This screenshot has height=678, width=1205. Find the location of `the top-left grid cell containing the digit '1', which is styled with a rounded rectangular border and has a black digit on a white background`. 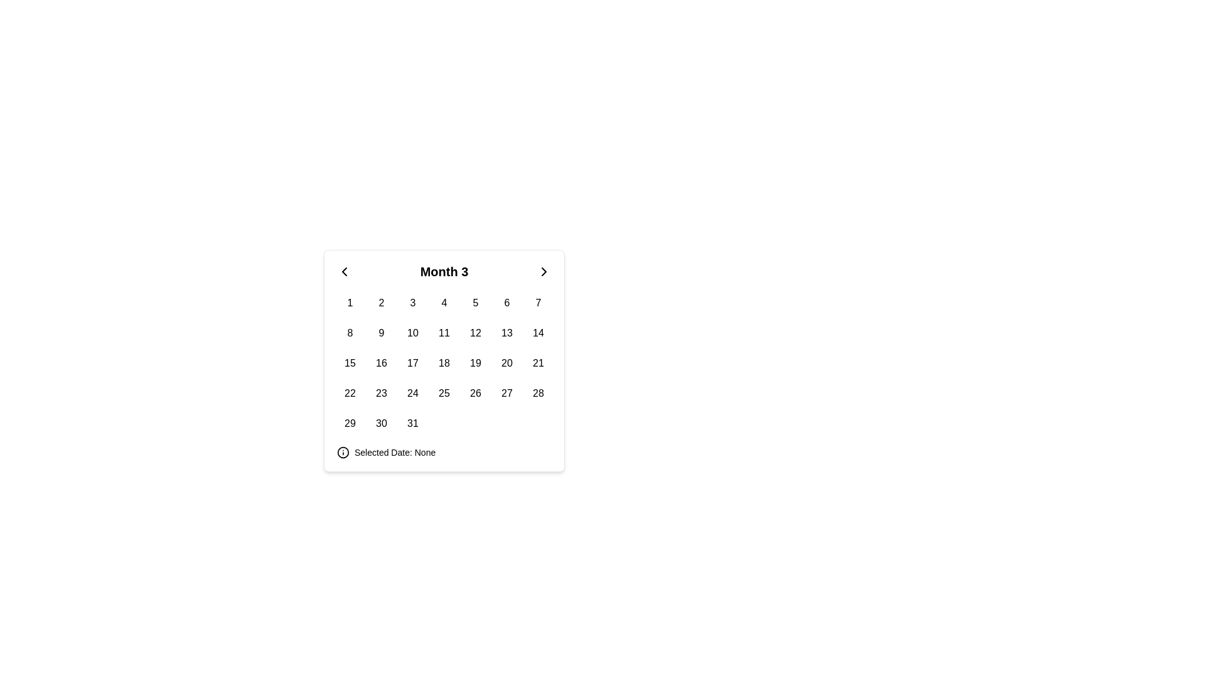

the top-left grid cell containing the digit '1', which is styled with a rounded rectangular border and has a black digit on a white background is located at coordinates (350, 303).